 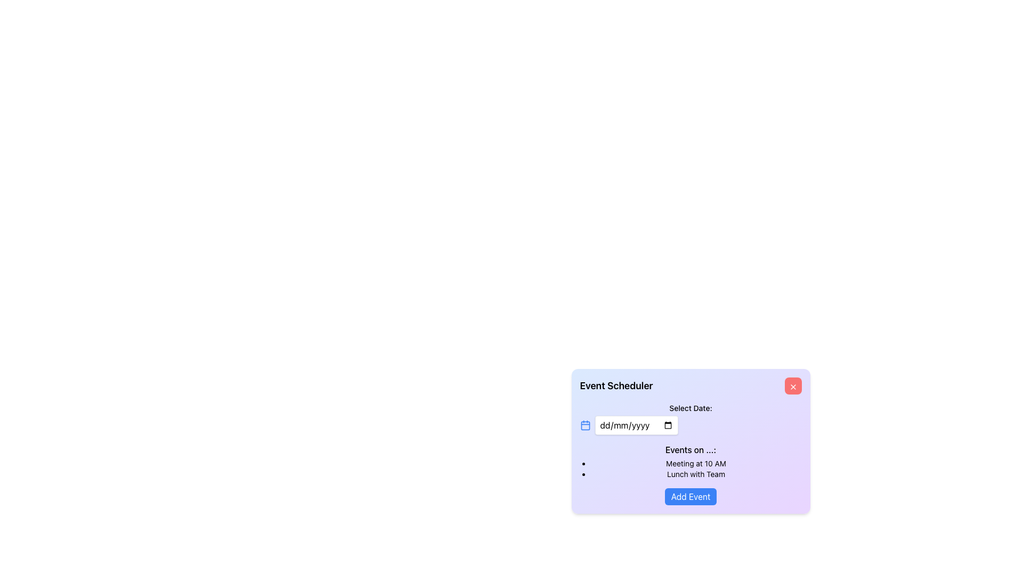 I want to click on the text element that serves as a visual indicator for the event labeled 'Lunch with Team', which is the second item in the bulleted list under the 'Events on ...:' section, so click(x=696, y=474).